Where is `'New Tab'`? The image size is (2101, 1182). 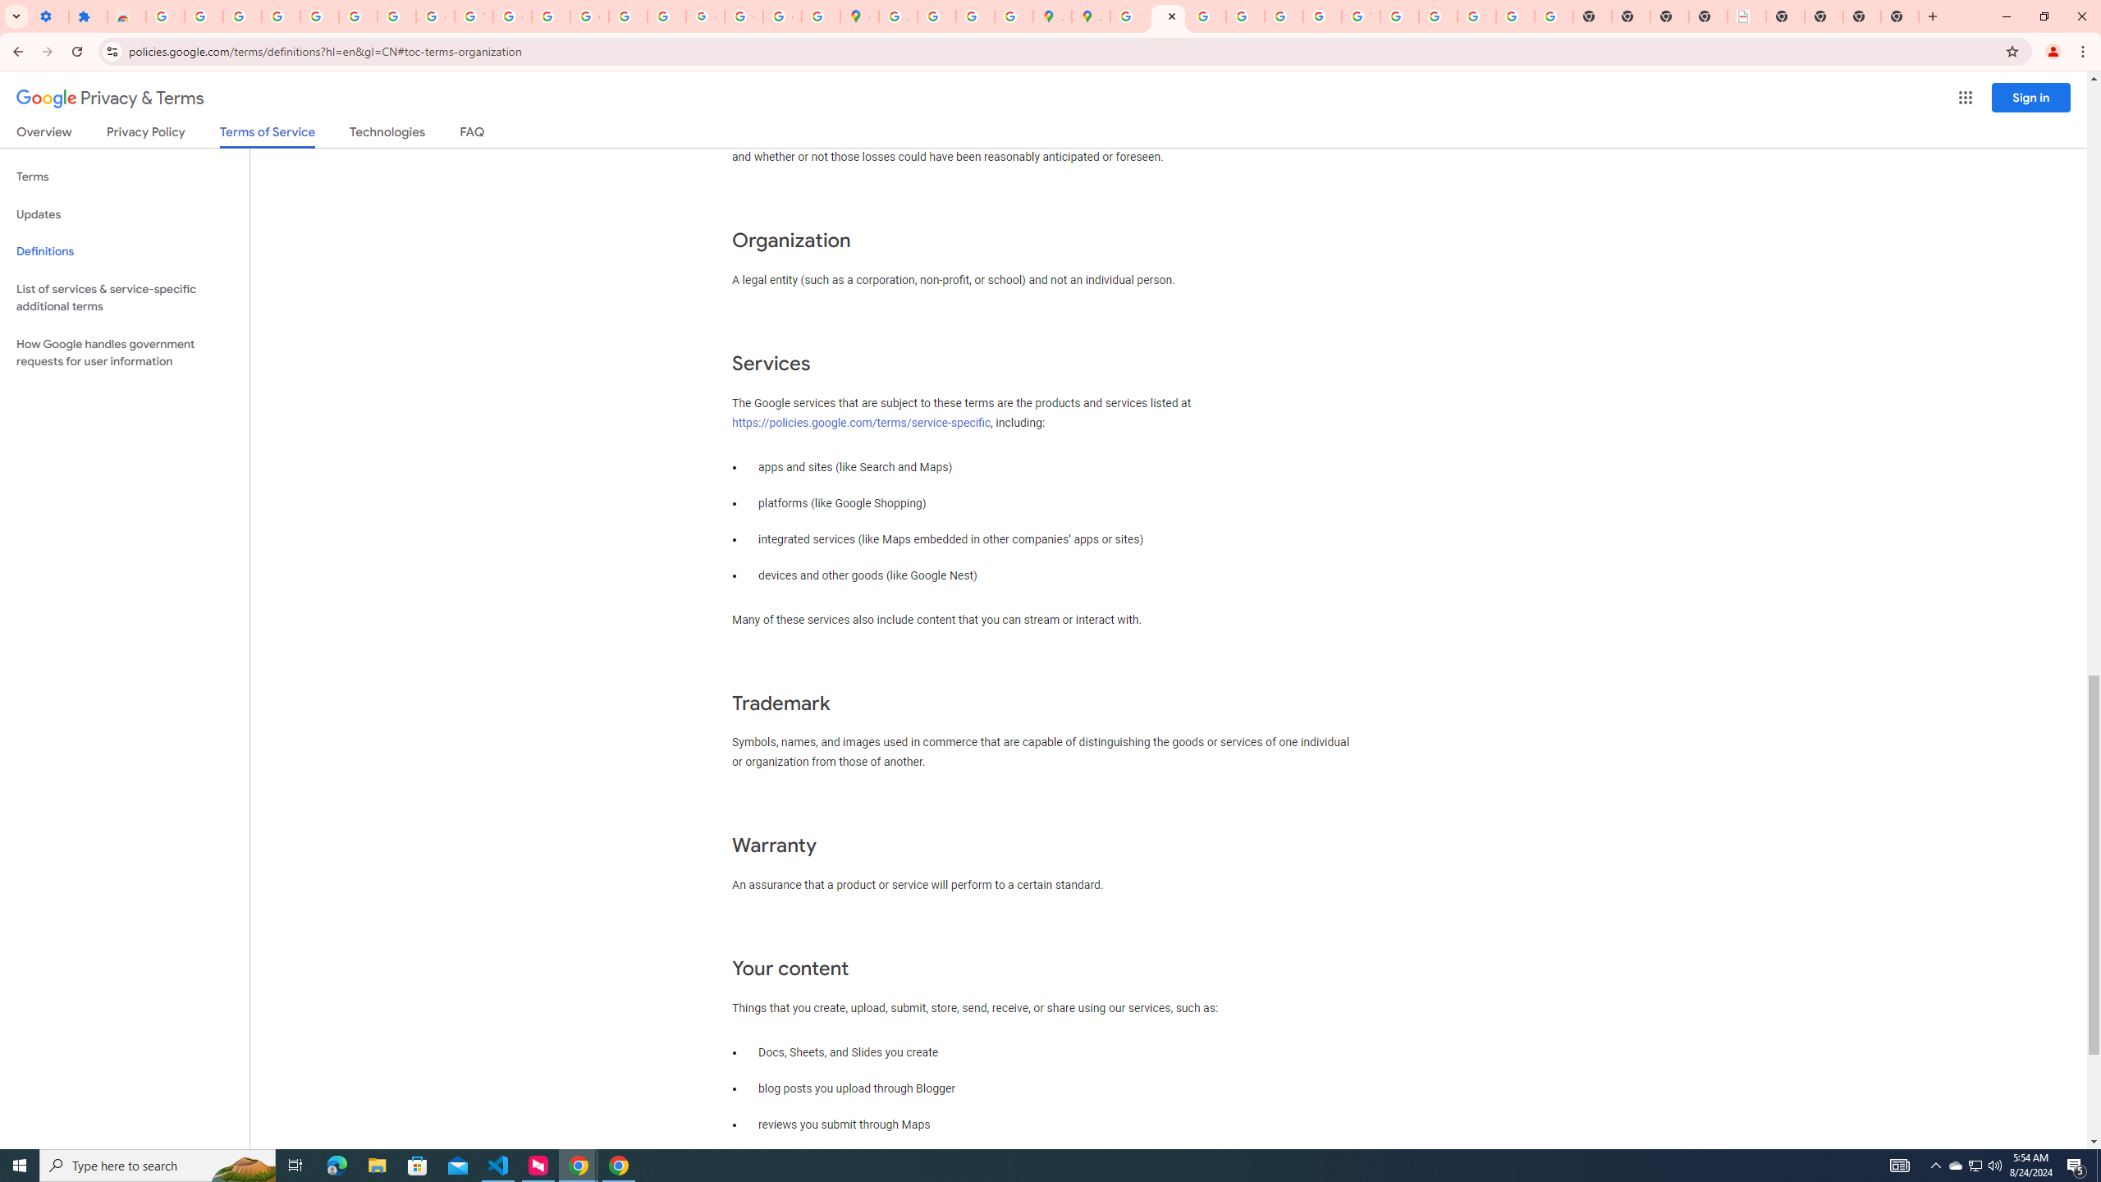 'New Tab' is located at coordinates (1900, 16).